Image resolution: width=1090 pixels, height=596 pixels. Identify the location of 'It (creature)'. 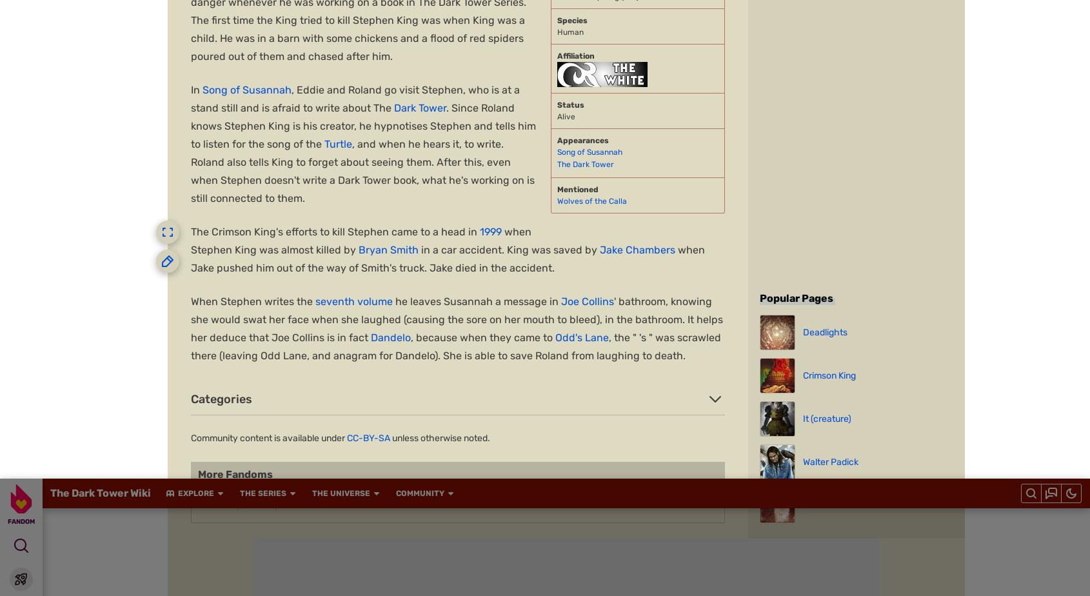
(487, 290).